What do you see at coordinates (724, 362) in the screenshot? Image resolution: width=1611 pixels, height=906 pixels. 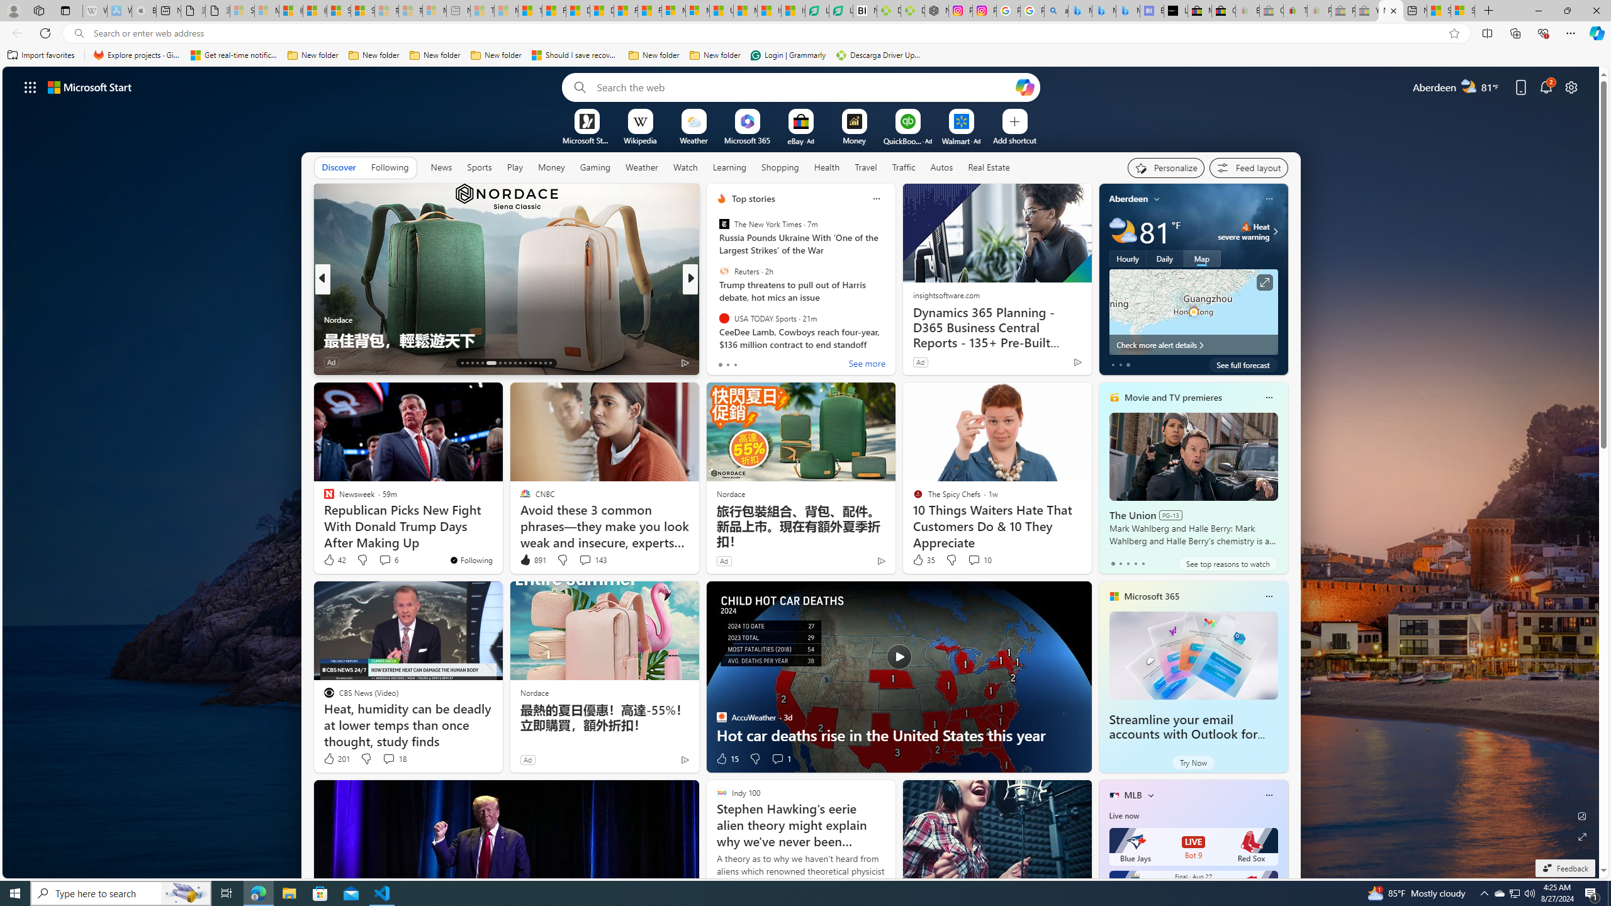 I see `'221 Like'` at bounding box center [724, 362].